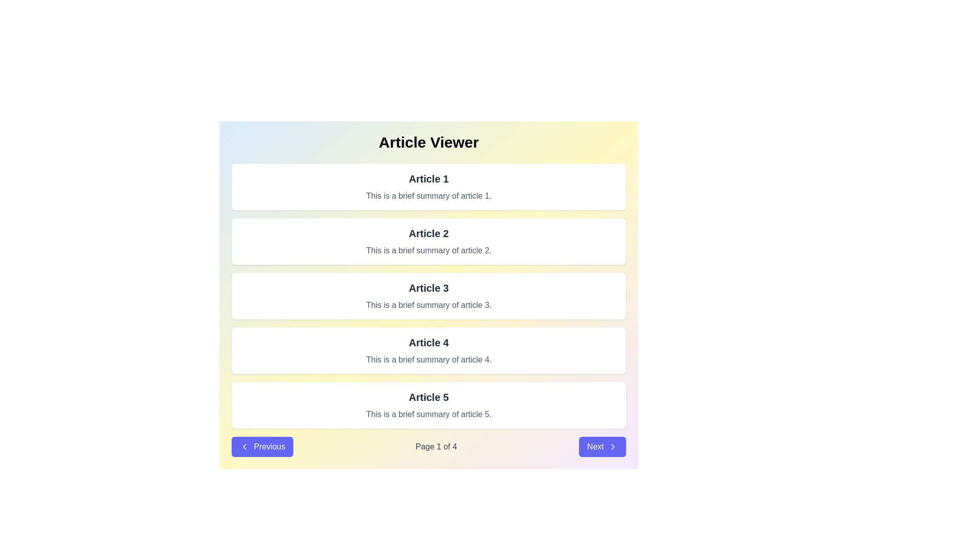 The width and height of the screenshot is (971, 546). I want to click on the 'Previous' button label, which indicates its function to navigate to the previous set of content or page, so click(270, 446).